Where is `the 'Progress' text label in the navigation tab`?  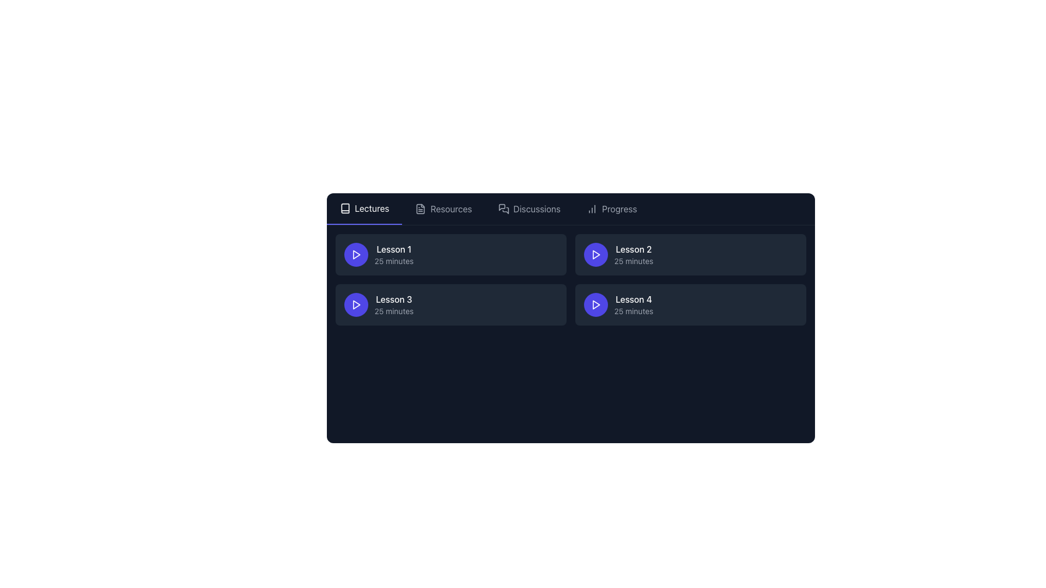
the 'Progress' text label in the navigation tab is located at coordinates (619, 209).